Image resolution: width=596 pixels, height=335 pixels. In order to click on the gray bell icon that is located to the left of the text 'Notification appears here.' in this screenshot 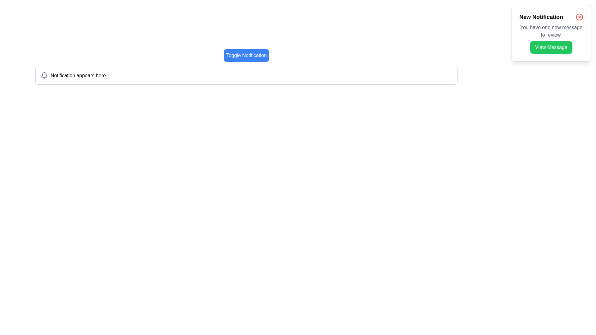, I will do `click(44, 75)`.